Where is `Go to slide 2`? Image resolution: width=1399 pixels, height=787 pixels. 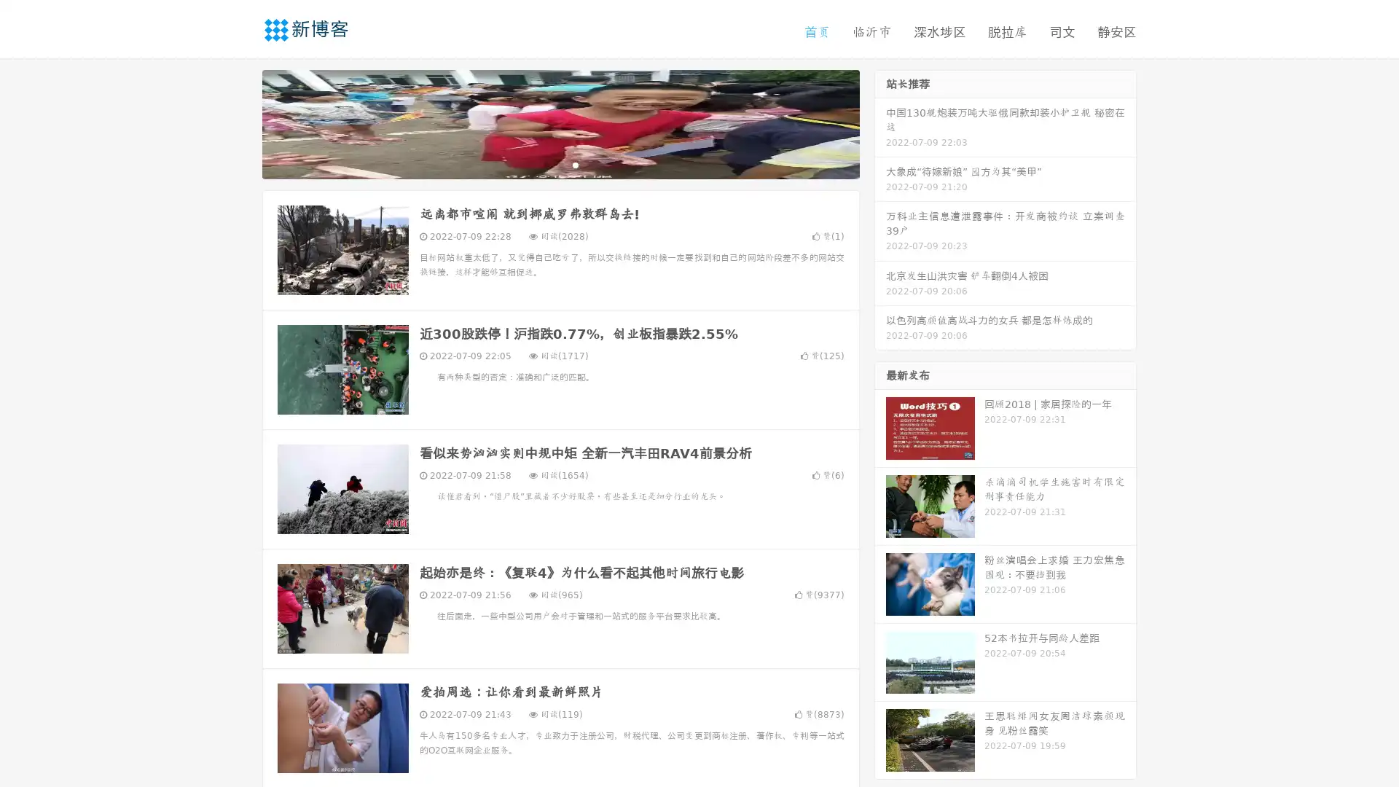
Go to slide 2 is located at coordinates (560, 164).